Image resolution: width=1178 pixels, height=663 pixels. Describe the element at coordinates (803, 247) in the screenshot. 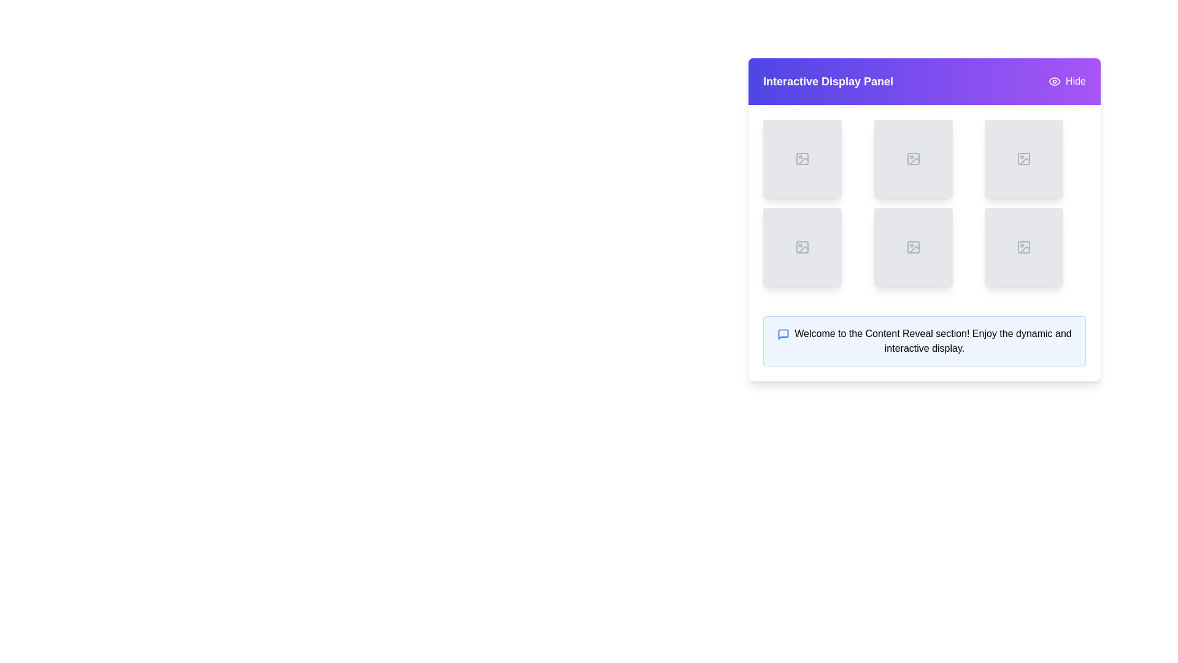

I see `the image placeholder icon, which is the second icon in the second row of a grid arrangement` at that location.